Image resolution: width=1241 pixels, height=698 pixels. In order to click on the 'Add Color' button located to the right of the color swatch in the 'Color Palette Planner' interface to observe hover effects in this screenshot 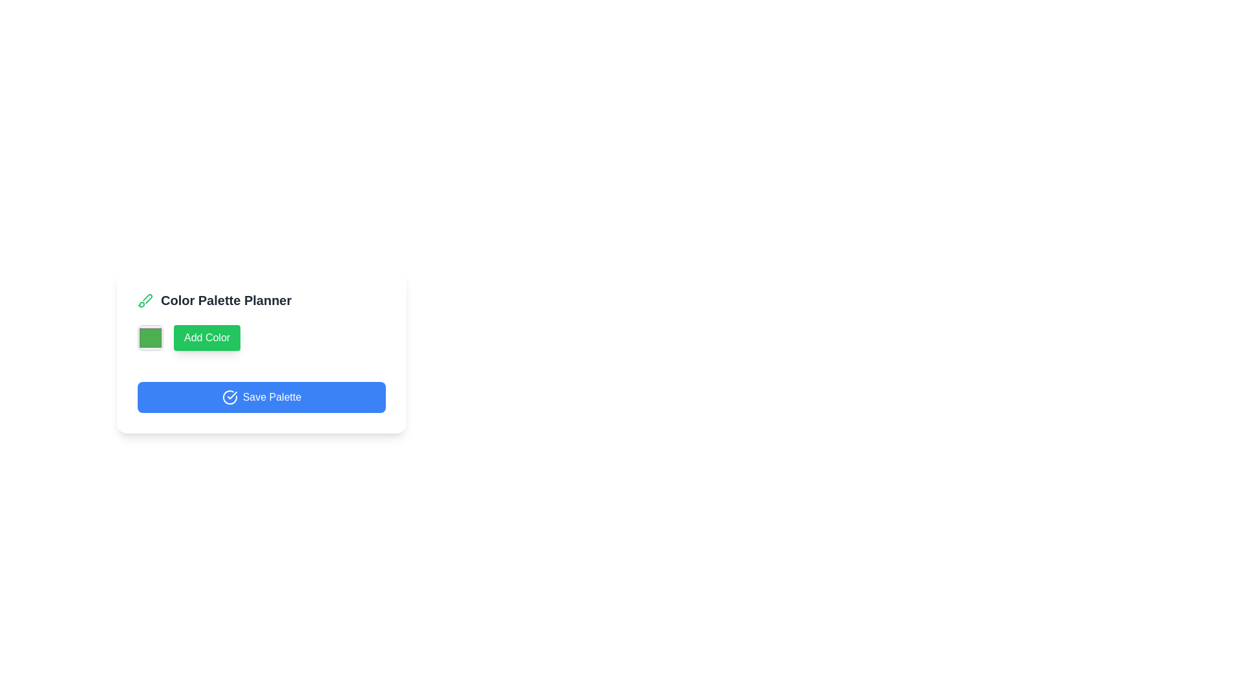, I will do `click(207, 337)`.